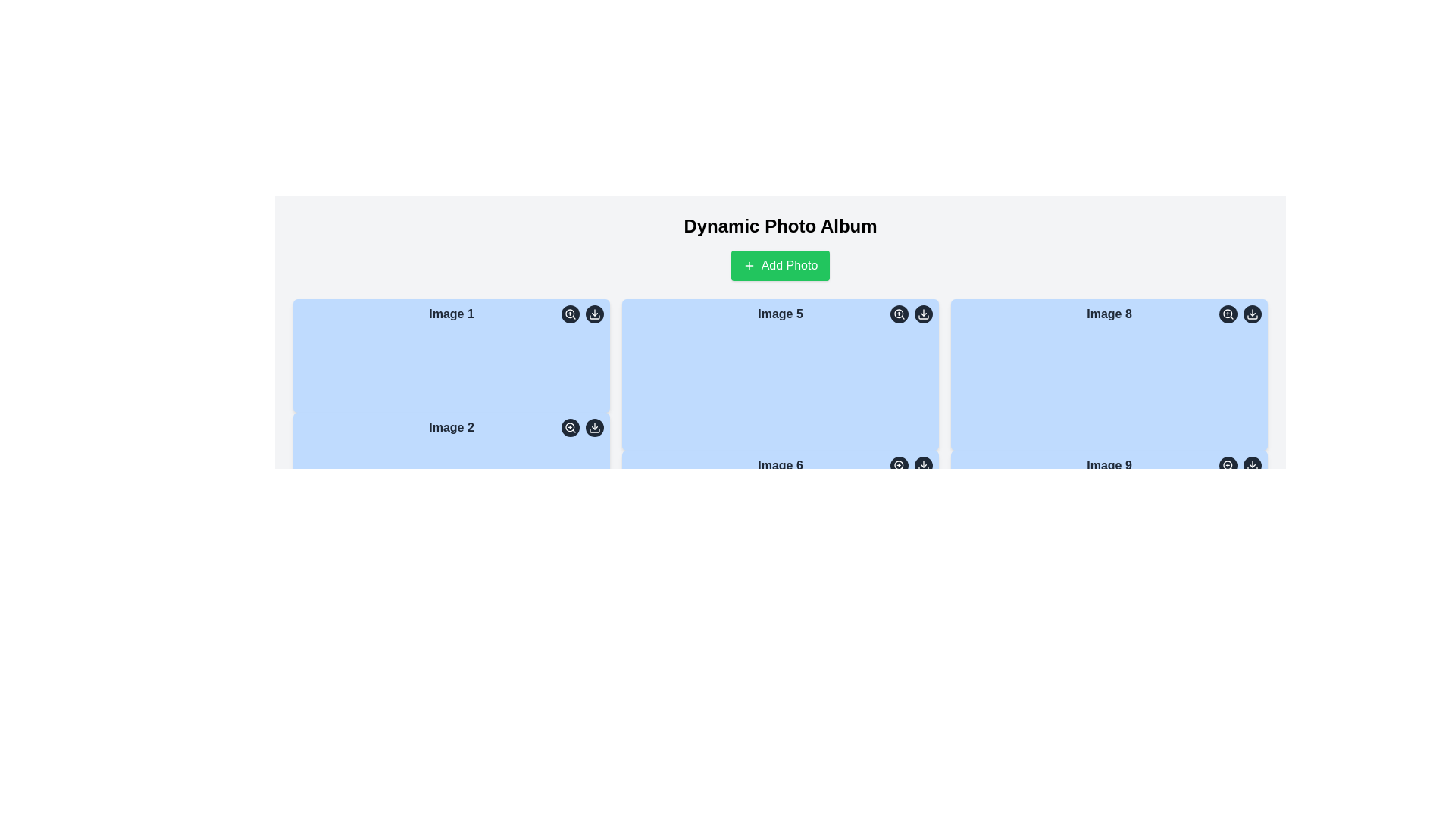  Describe the element at coordinates (1228, 464) in the screenshot. I see `the small circular shape representing the magnifying glass with a plus symbol inside, located in the bottom-right corner of 'Image 9'` at that location.